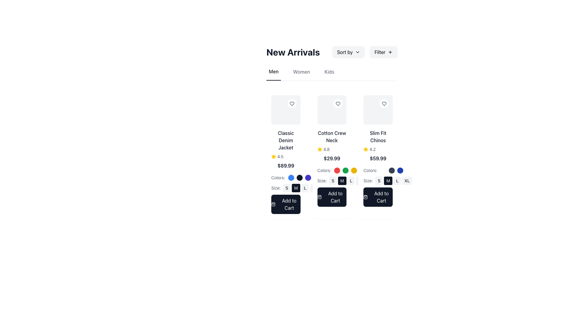 The height and width of the screenshot is (326, 580). Describe the element at coordinates (332, 136) in the screenshot. I see `the 'Cotton Crew Neck' text label` at that location.